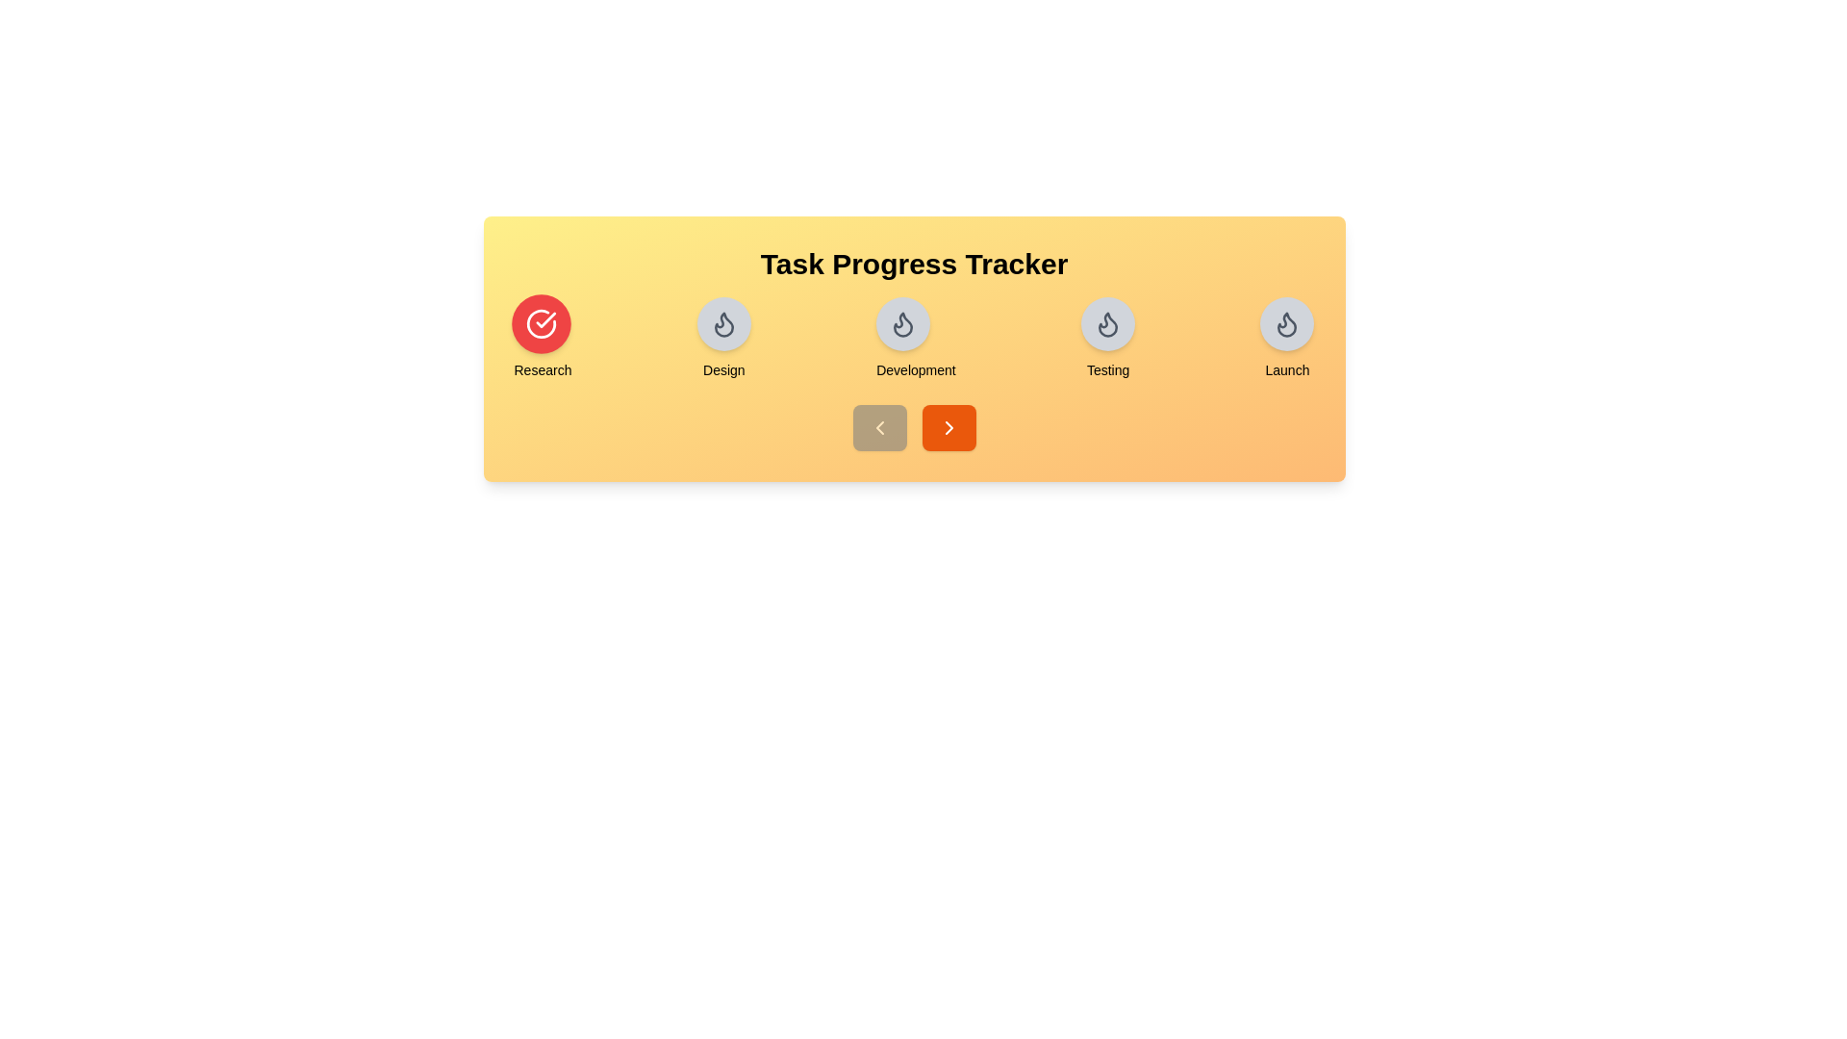 This screenshot has height=1039, width=1847. I want to click on the text label displaying 'Development' which is located below the flame icon in the task progress tracker interface, so click(915, 370).